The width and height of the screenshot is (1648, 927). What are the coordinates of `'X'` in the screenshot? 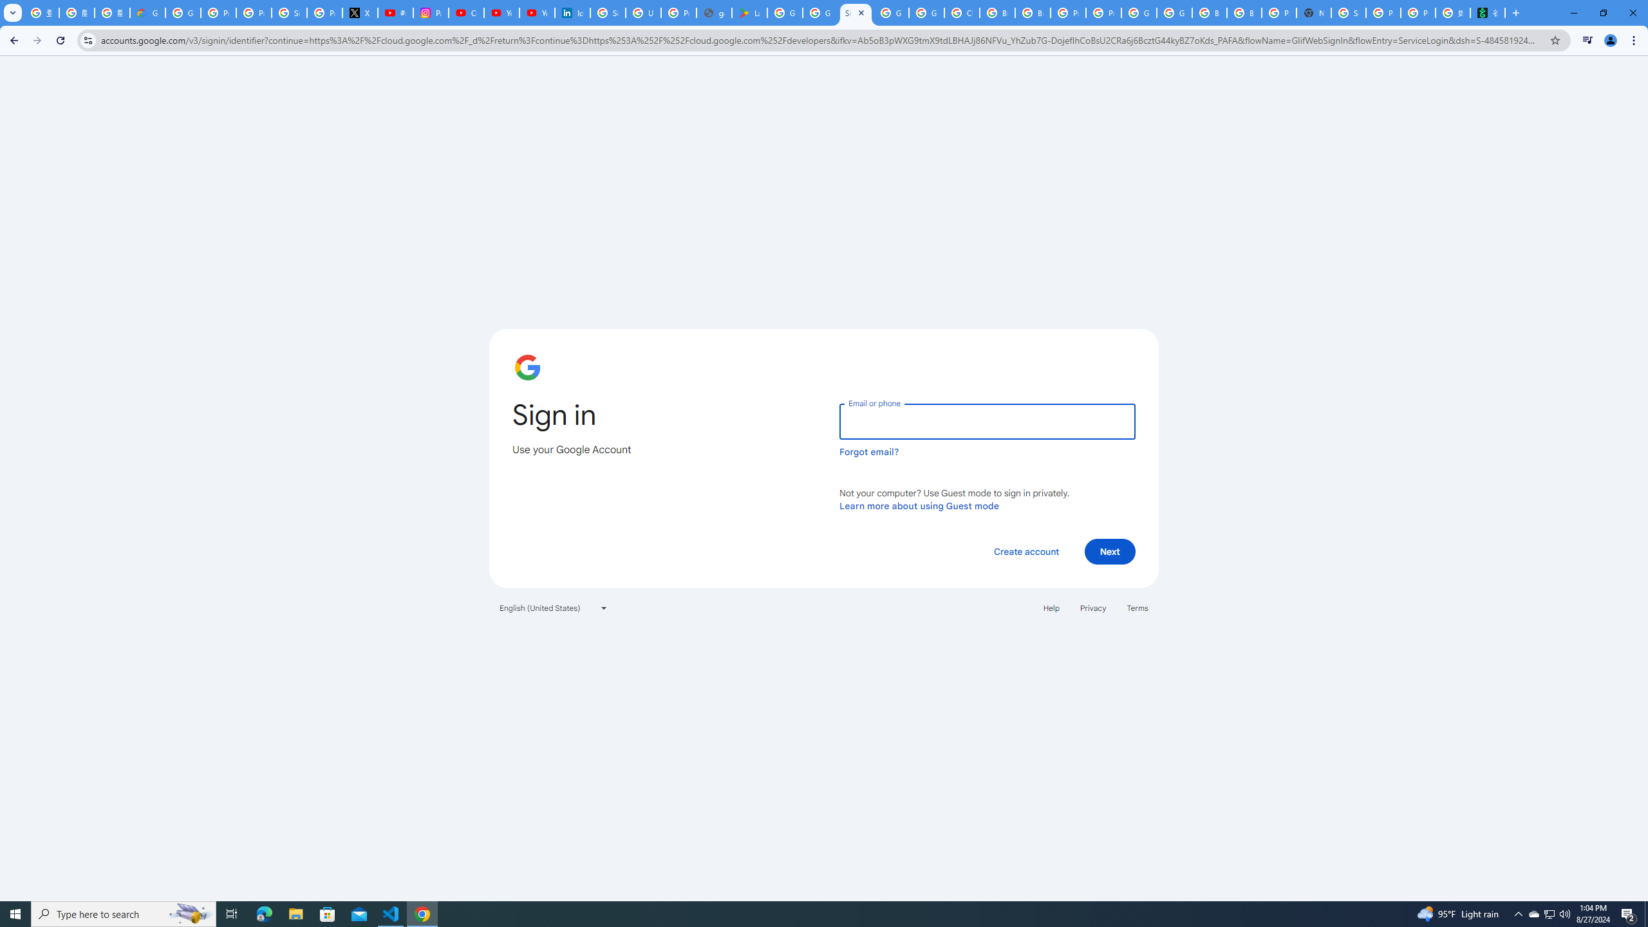 It's located at (359, 12).